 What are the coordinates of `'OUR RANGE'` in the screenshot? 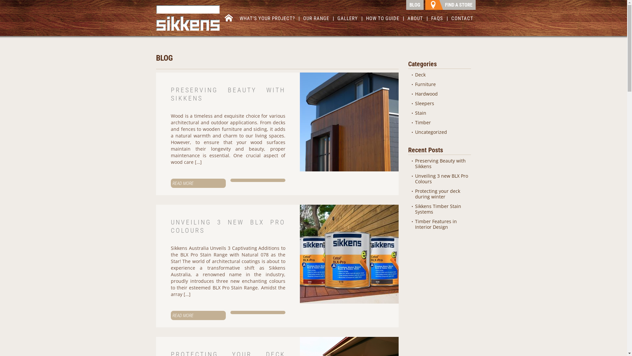 It's located at (316, 20).